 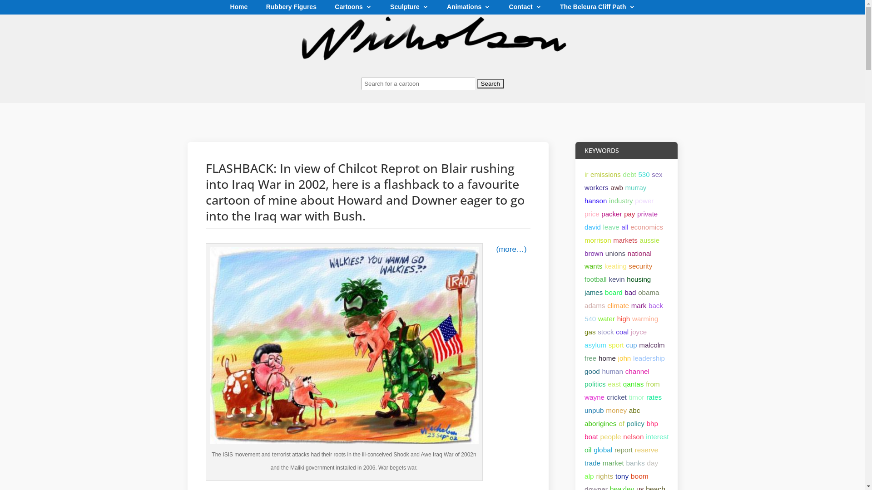 What do you see at coordinates (590, 358) in the screenshot?
I see `'free'` at bounding box center [590, 358].